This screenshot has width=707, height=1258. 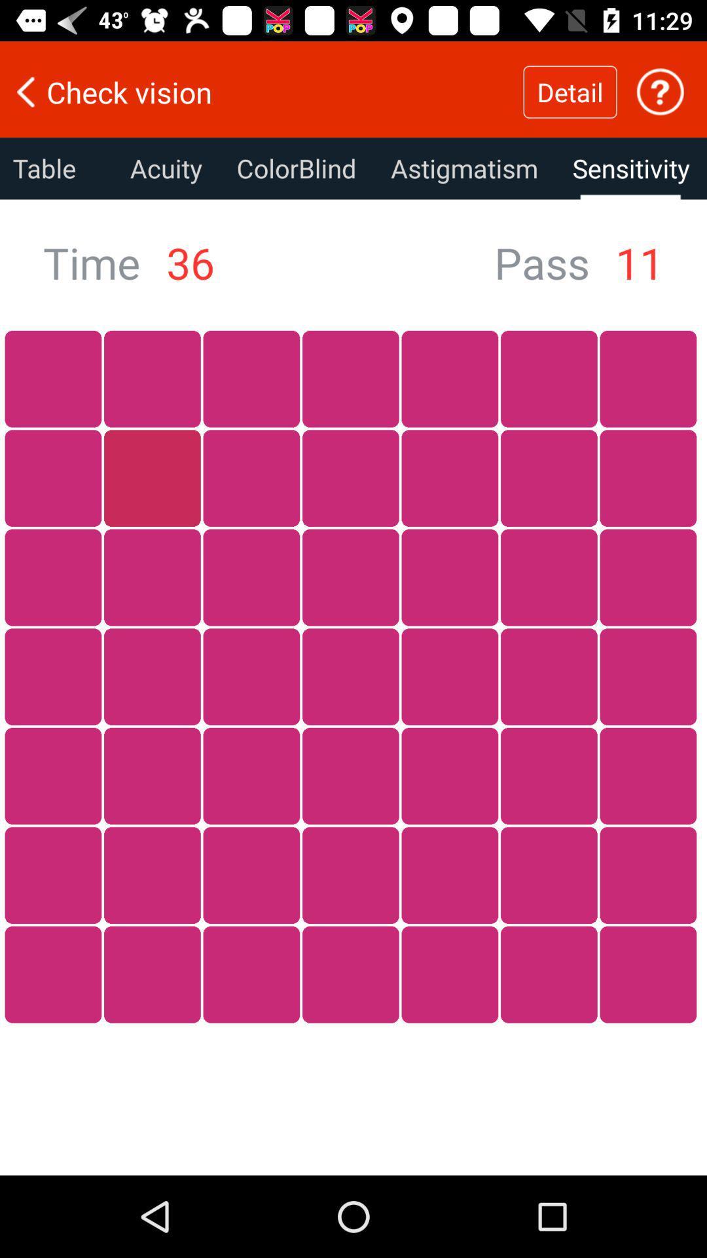 I want to click on icon to the left of the acuity, so click(x=56, y=168).